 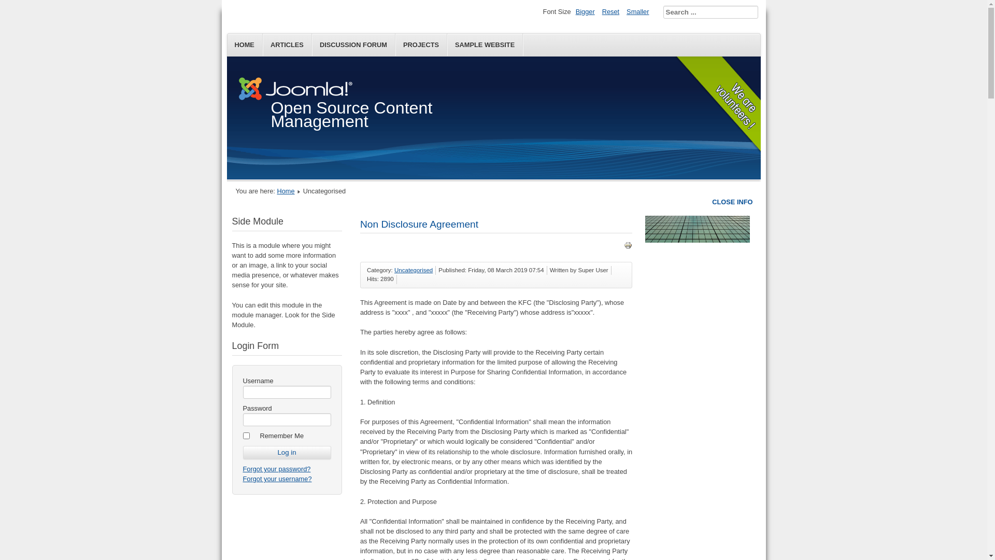 I want to click on 'Uncategorised', so click(x=413, y=269).